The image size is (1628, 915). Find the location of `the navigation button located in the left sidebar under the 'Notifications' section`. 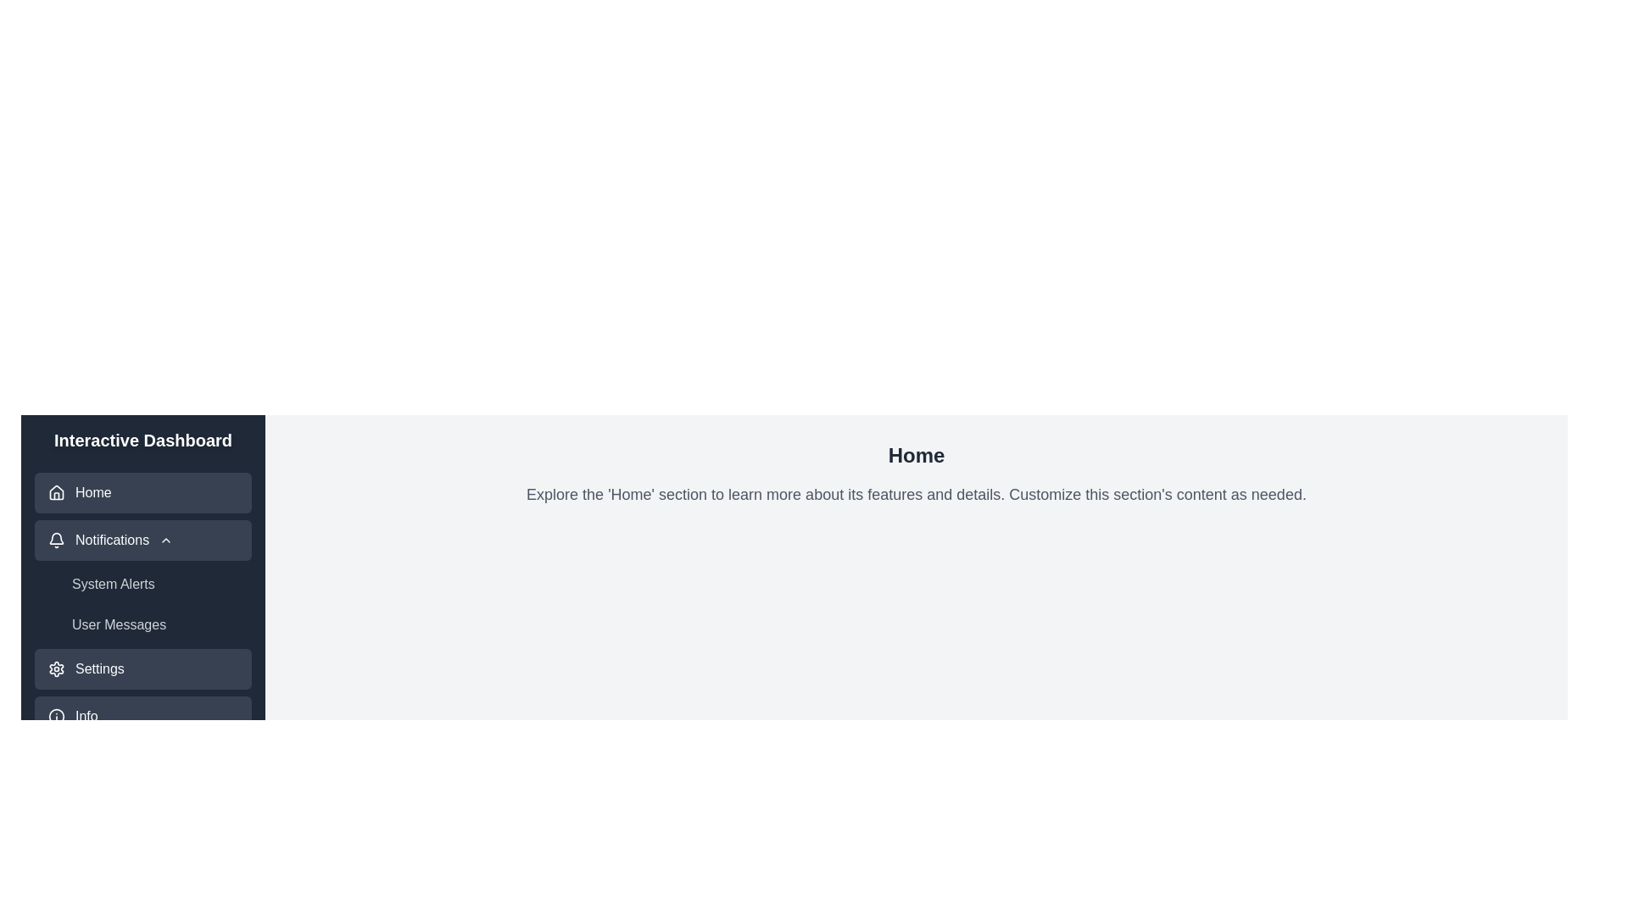

the navigation button located in the left sidebar under the 'Notifications' section is located at coordinates (157, 584).